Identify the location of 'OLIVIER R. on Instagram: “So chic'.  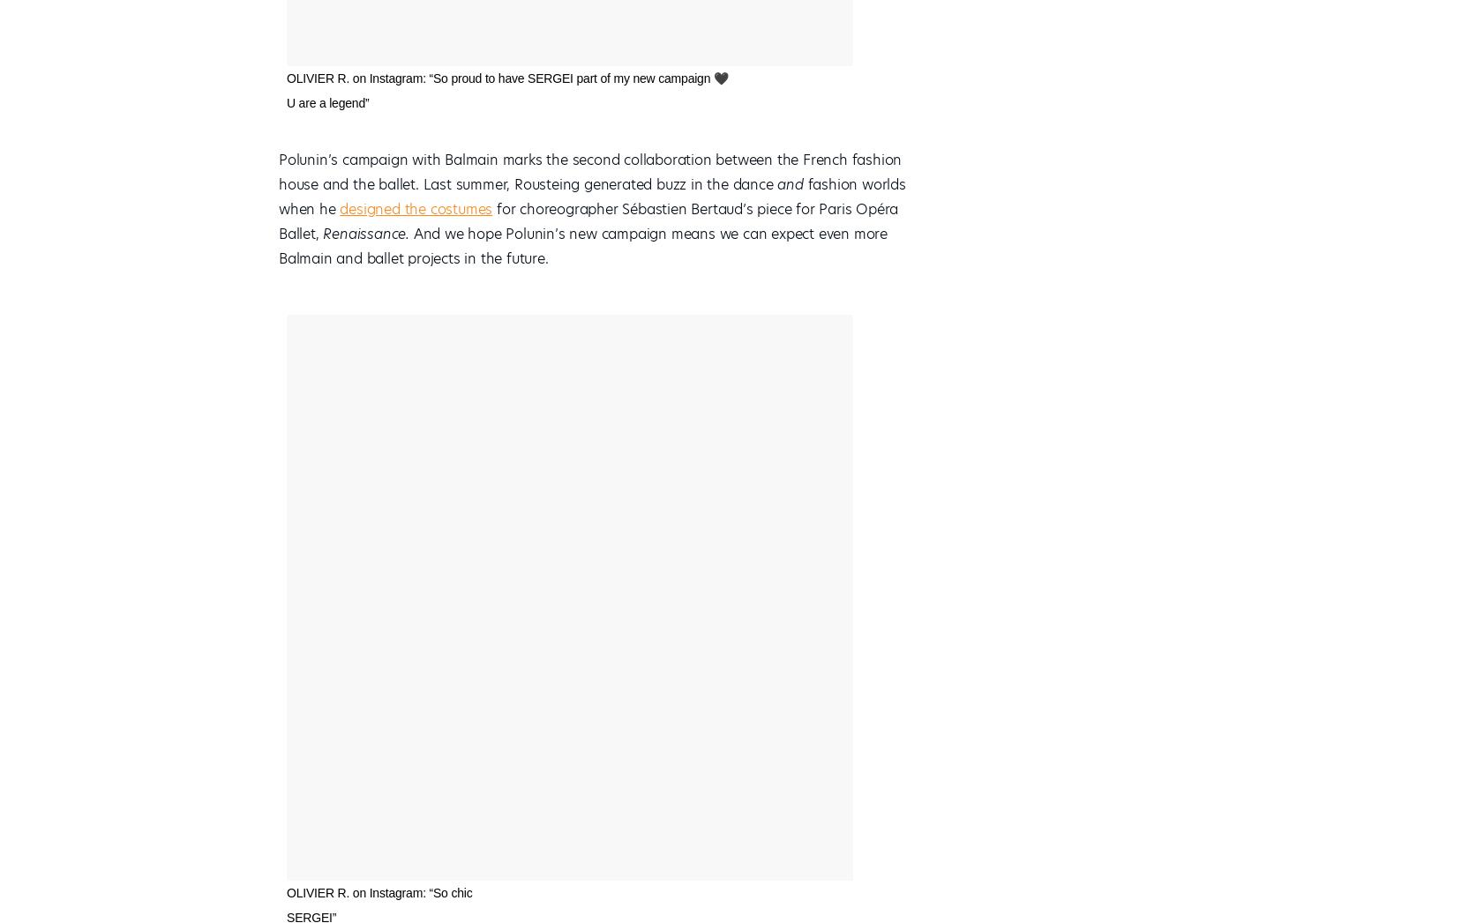
(378, 892).